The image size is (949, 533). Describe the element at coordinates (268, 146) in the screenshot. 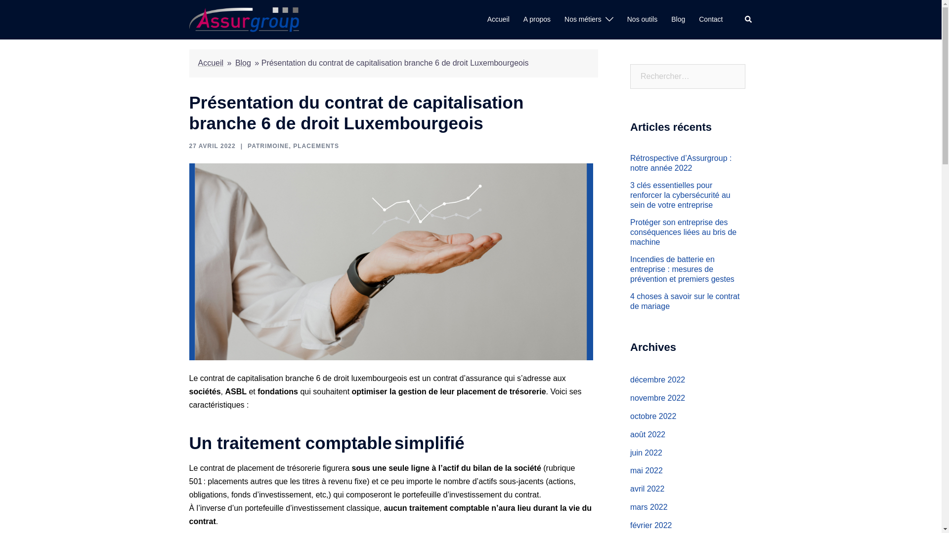

I see `'PATRIMOINE'` at that location.